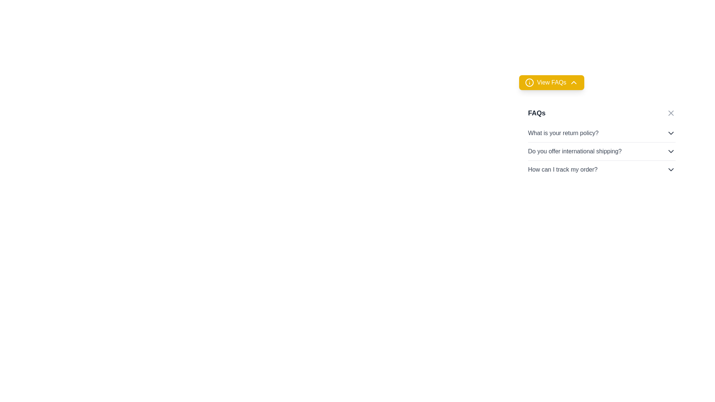 Image resolution: width=715 pixels, height=402 pixels. What do you see at coordinates (529, 83) in the screenshot?
I see `the circular information icon with a yellow background and 'i' symbol, located to the left of the 'View FAQs' button` at bounding box center [529, 83].